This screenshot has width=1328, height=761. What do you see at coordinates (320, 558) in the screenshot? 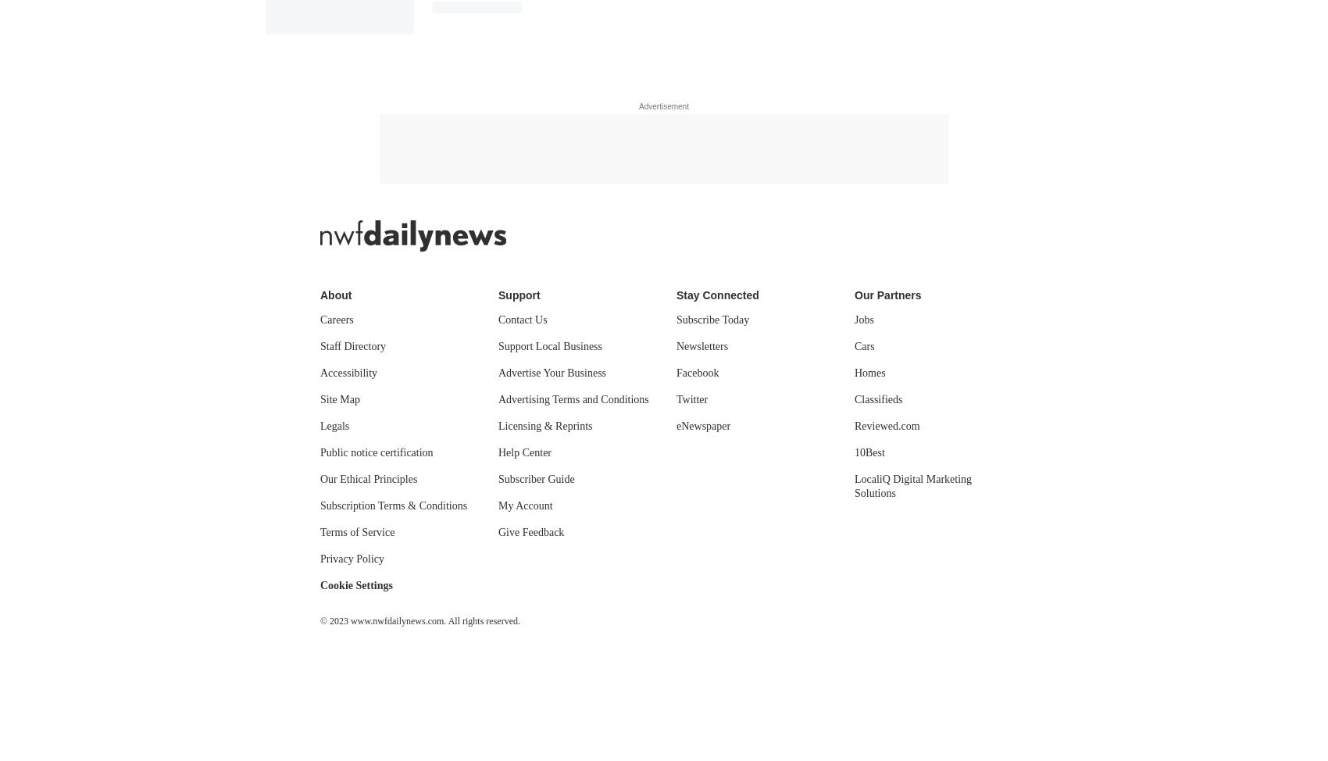
I see `'Privacy Policy'` at bounding box center [320, 558].